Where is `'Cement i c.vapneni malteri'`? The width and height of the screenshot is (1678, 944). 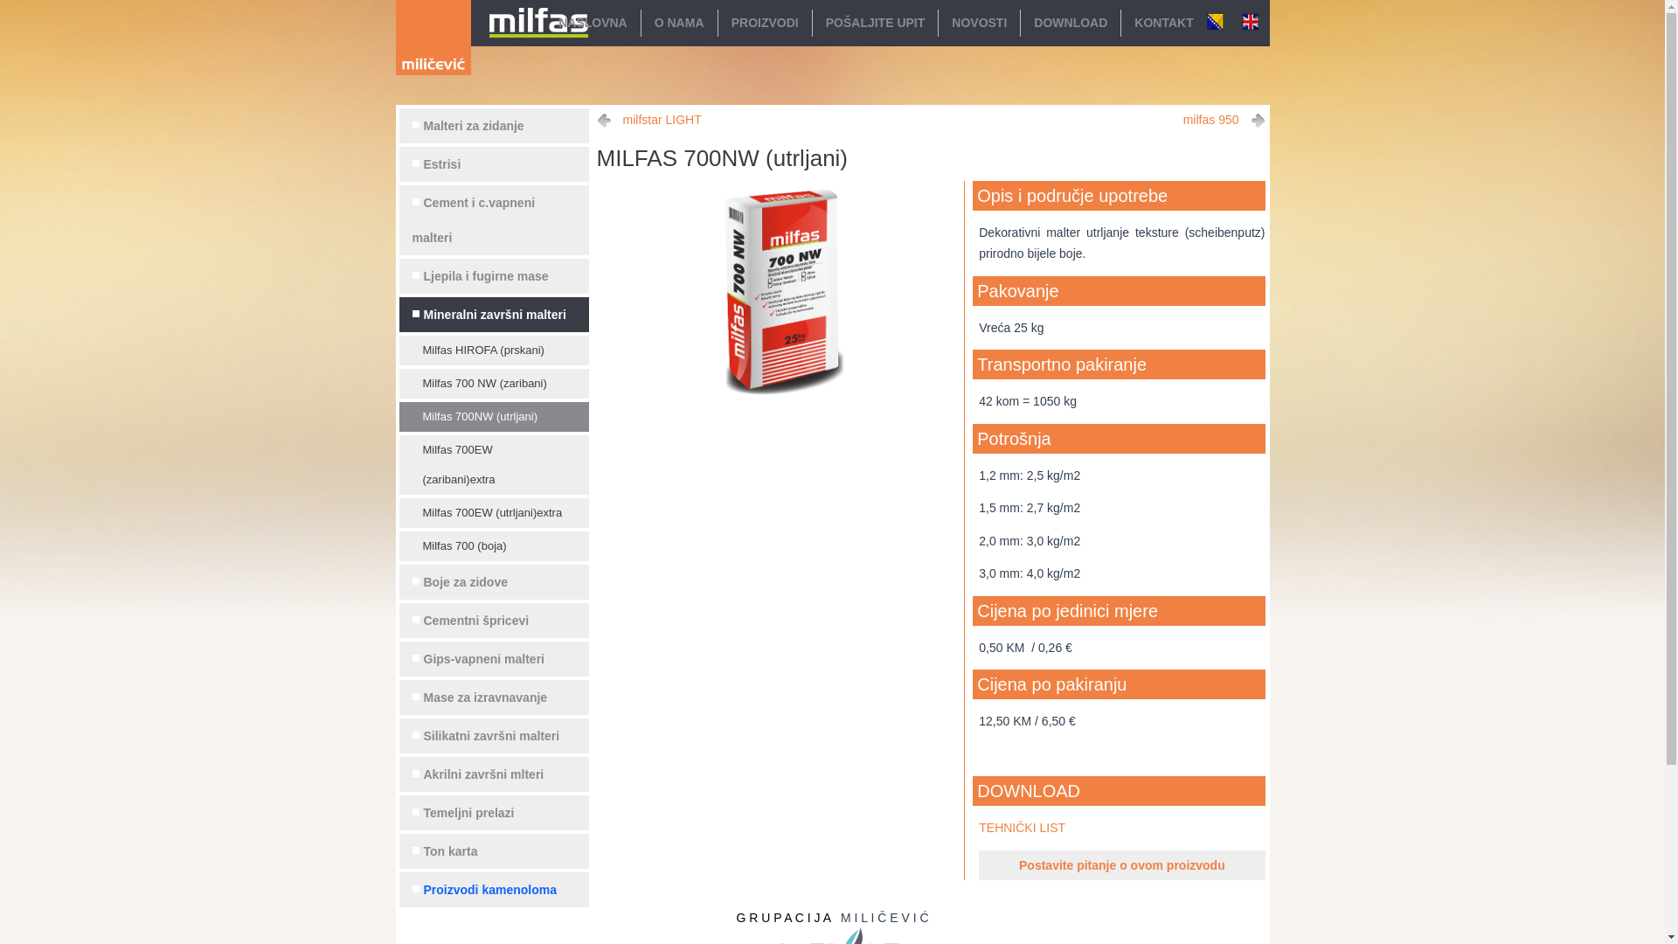 'Cement i c.vapneni malteri' is located at coordinates (492, 219).